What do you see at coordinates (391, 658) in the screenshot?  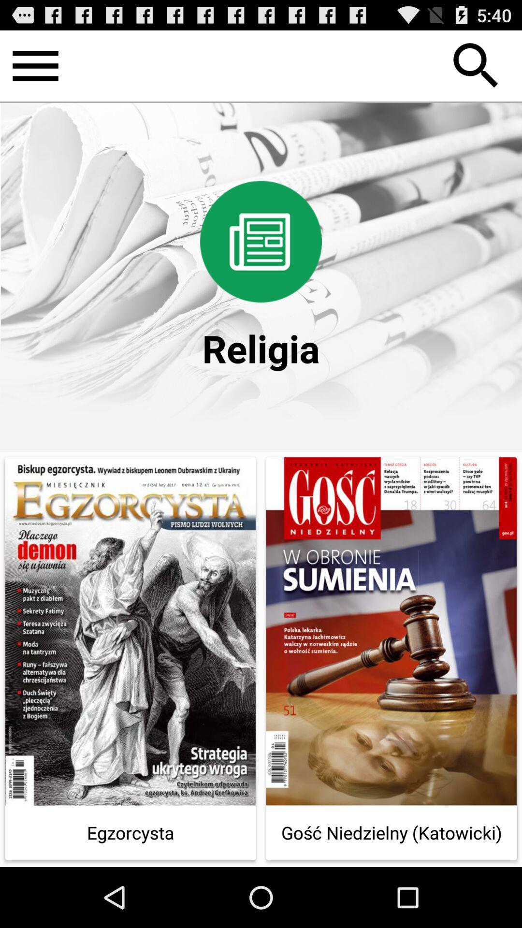 I see `the second image below religia` at bounding box center [391, 658].